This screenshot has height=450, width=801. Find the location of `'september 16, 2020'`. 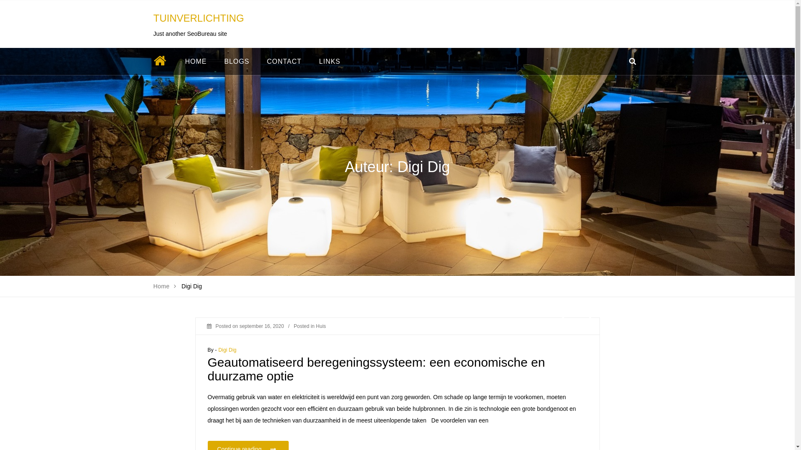

'september 16, 2020' is located at coordinates (261, 326).